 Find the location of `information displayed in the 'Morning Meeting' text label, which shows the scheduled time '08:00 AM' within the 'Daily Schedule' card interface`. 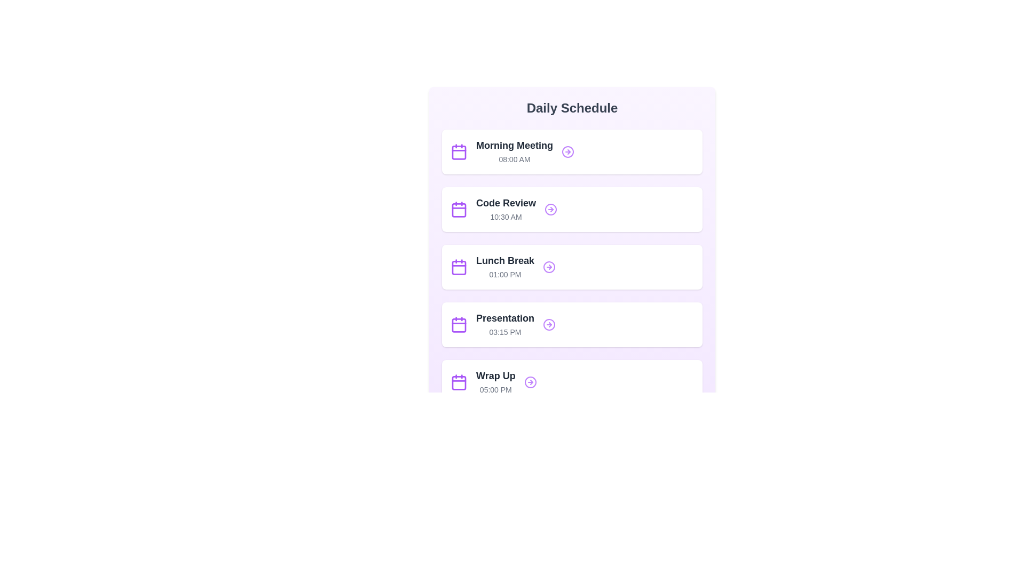

information displayed in the 'Morning Meeting' text label, which shows the scheduled time '08:00 AM' within the 'Daily Schedule' card interface is located at coordinates (515, 152).